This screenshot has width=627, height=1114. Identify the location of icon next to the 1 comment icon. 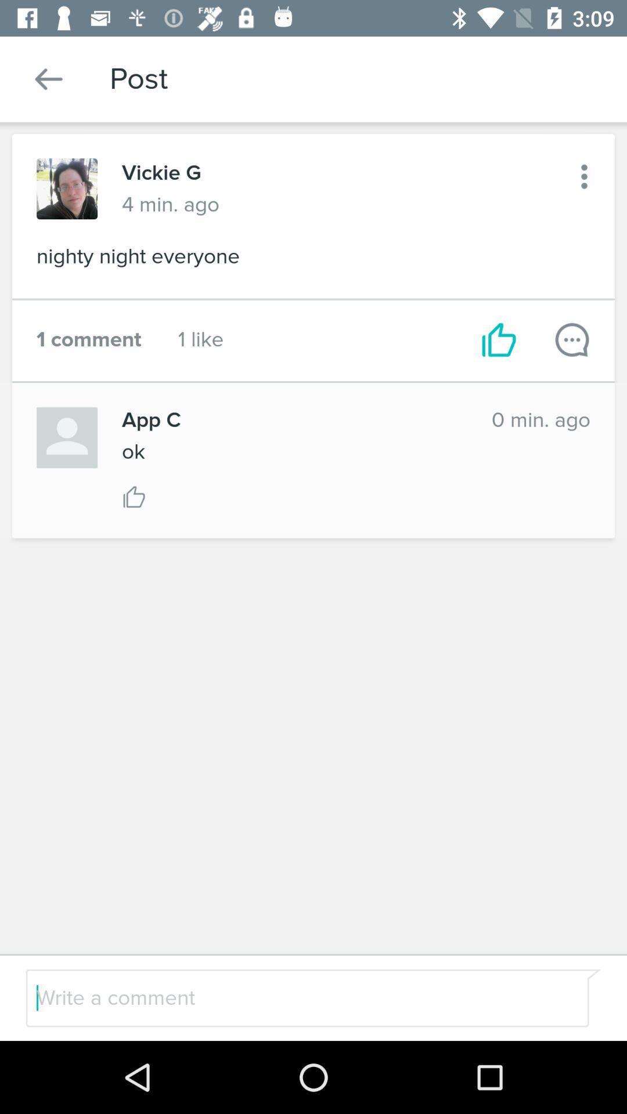
(200, 339).